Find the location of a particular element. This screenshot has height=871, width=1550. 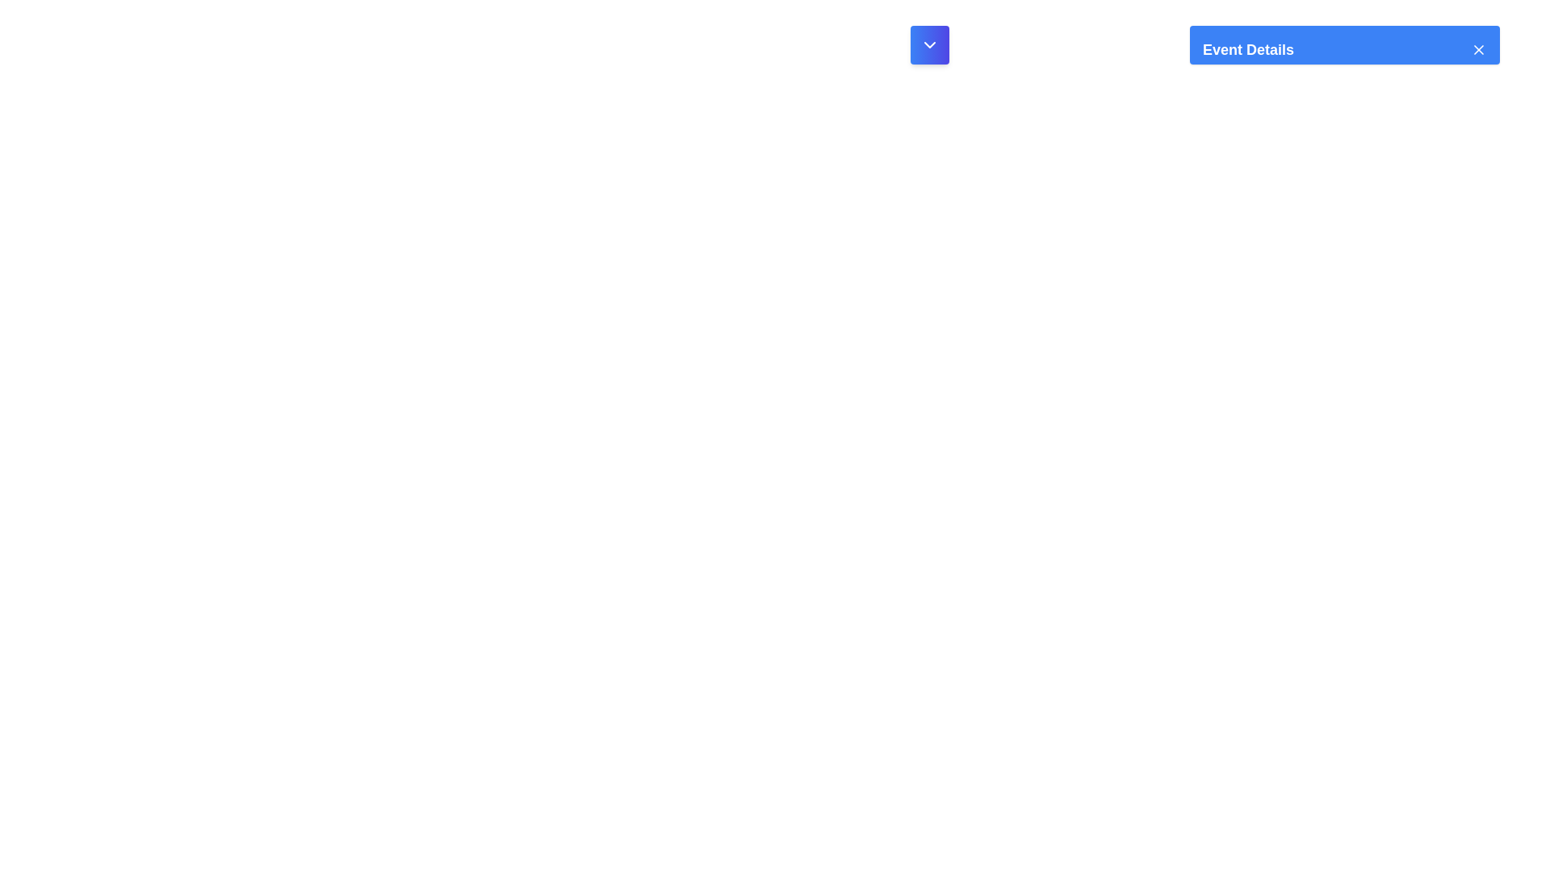

the downward-pointing chevron icon with a white stroke on a gradient blue background, located at the center of the button to the left of the 'Event Details' label is located at coordinates (930, 44).